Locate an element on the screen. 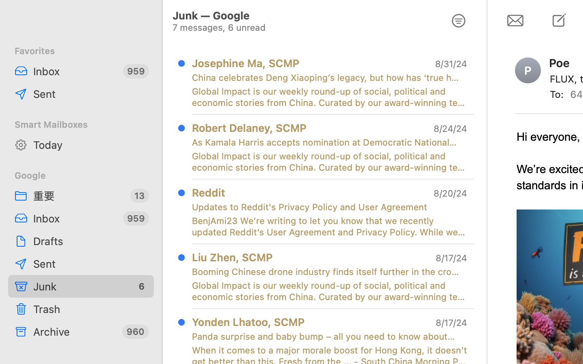 This screenshot has height=364, width=583. 'BenjAmi23 We’re writing to let you know that we recently updated Reddit’s User Agreement and Privacy Policy. While we encourage you to review the updated documents in full, here are some of the highlights: We reorganized sections of our Privacy Policy for improved clarity. We included language in the Privacy Policy to reflect our participation in the EU-US Data Privacy Framework. We clarified what content you submit is non-public. We updated the Privacy Policy to better reflect our current products, like Reddit Pro. For users in the EEA, United Kingdom, and Switzerland, we updated the User Agreement to reflect that the Reddit products and services are provided by Reddit Netherlands B.V. Updates to our Privacy Policy take effect immediately. The updated User Agreement takes effect September 16, 2024 and will apply to you if you use Reddit after that date. For more information about how we handle information that is made public on Reddit, please see our Public Content Policy. If you have' is located at coordinates (330, 226).